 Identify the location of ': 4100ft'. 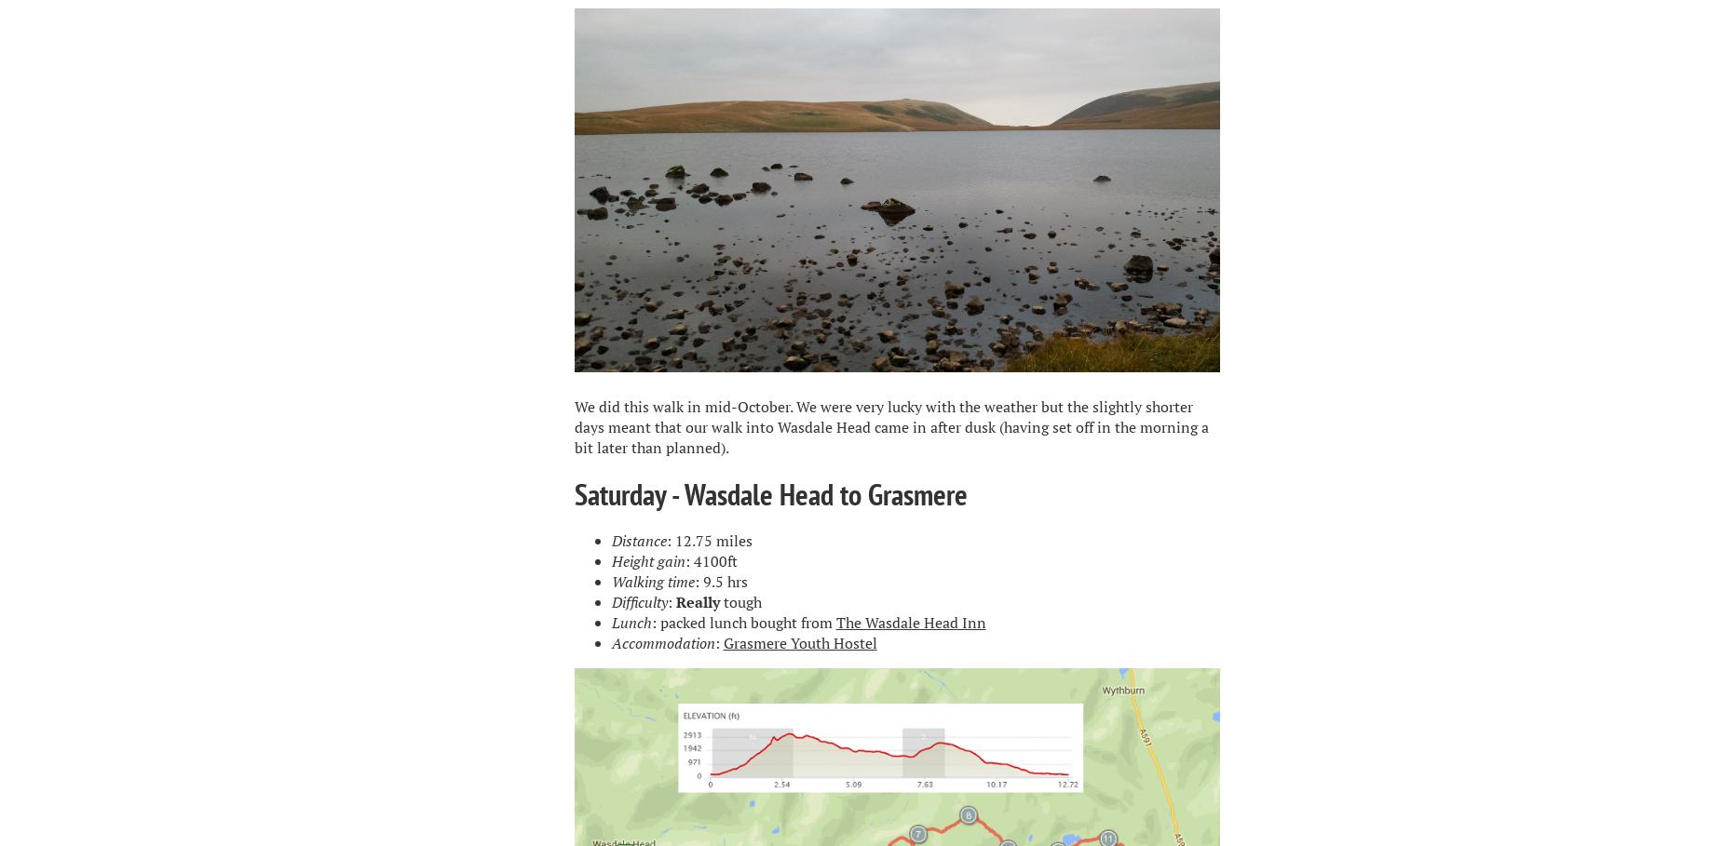
(710, 560).